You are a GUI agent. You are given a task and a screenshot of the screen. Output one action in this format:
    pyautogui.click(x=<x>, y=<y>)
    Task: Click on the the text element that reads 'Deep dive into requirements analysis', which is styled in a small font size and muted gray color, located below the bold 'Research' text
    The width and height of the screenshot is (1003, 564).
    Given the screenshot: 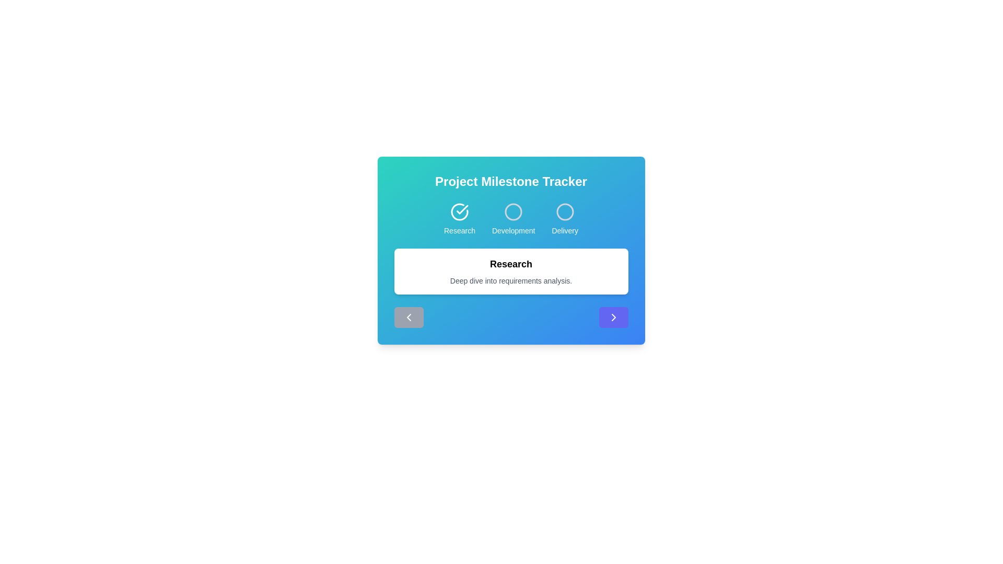 What is the action you would take?
    pyautogui.click(x=511, y=280)
    